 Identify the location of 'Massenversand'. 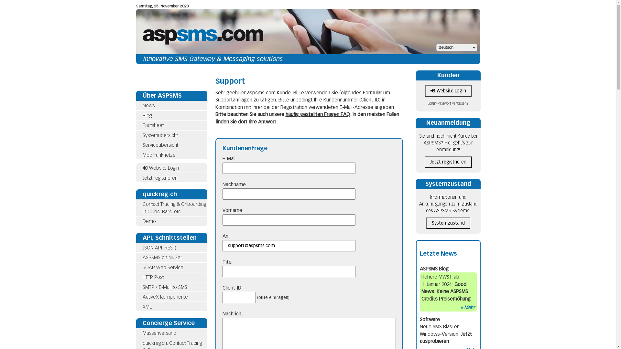
(136, 333).